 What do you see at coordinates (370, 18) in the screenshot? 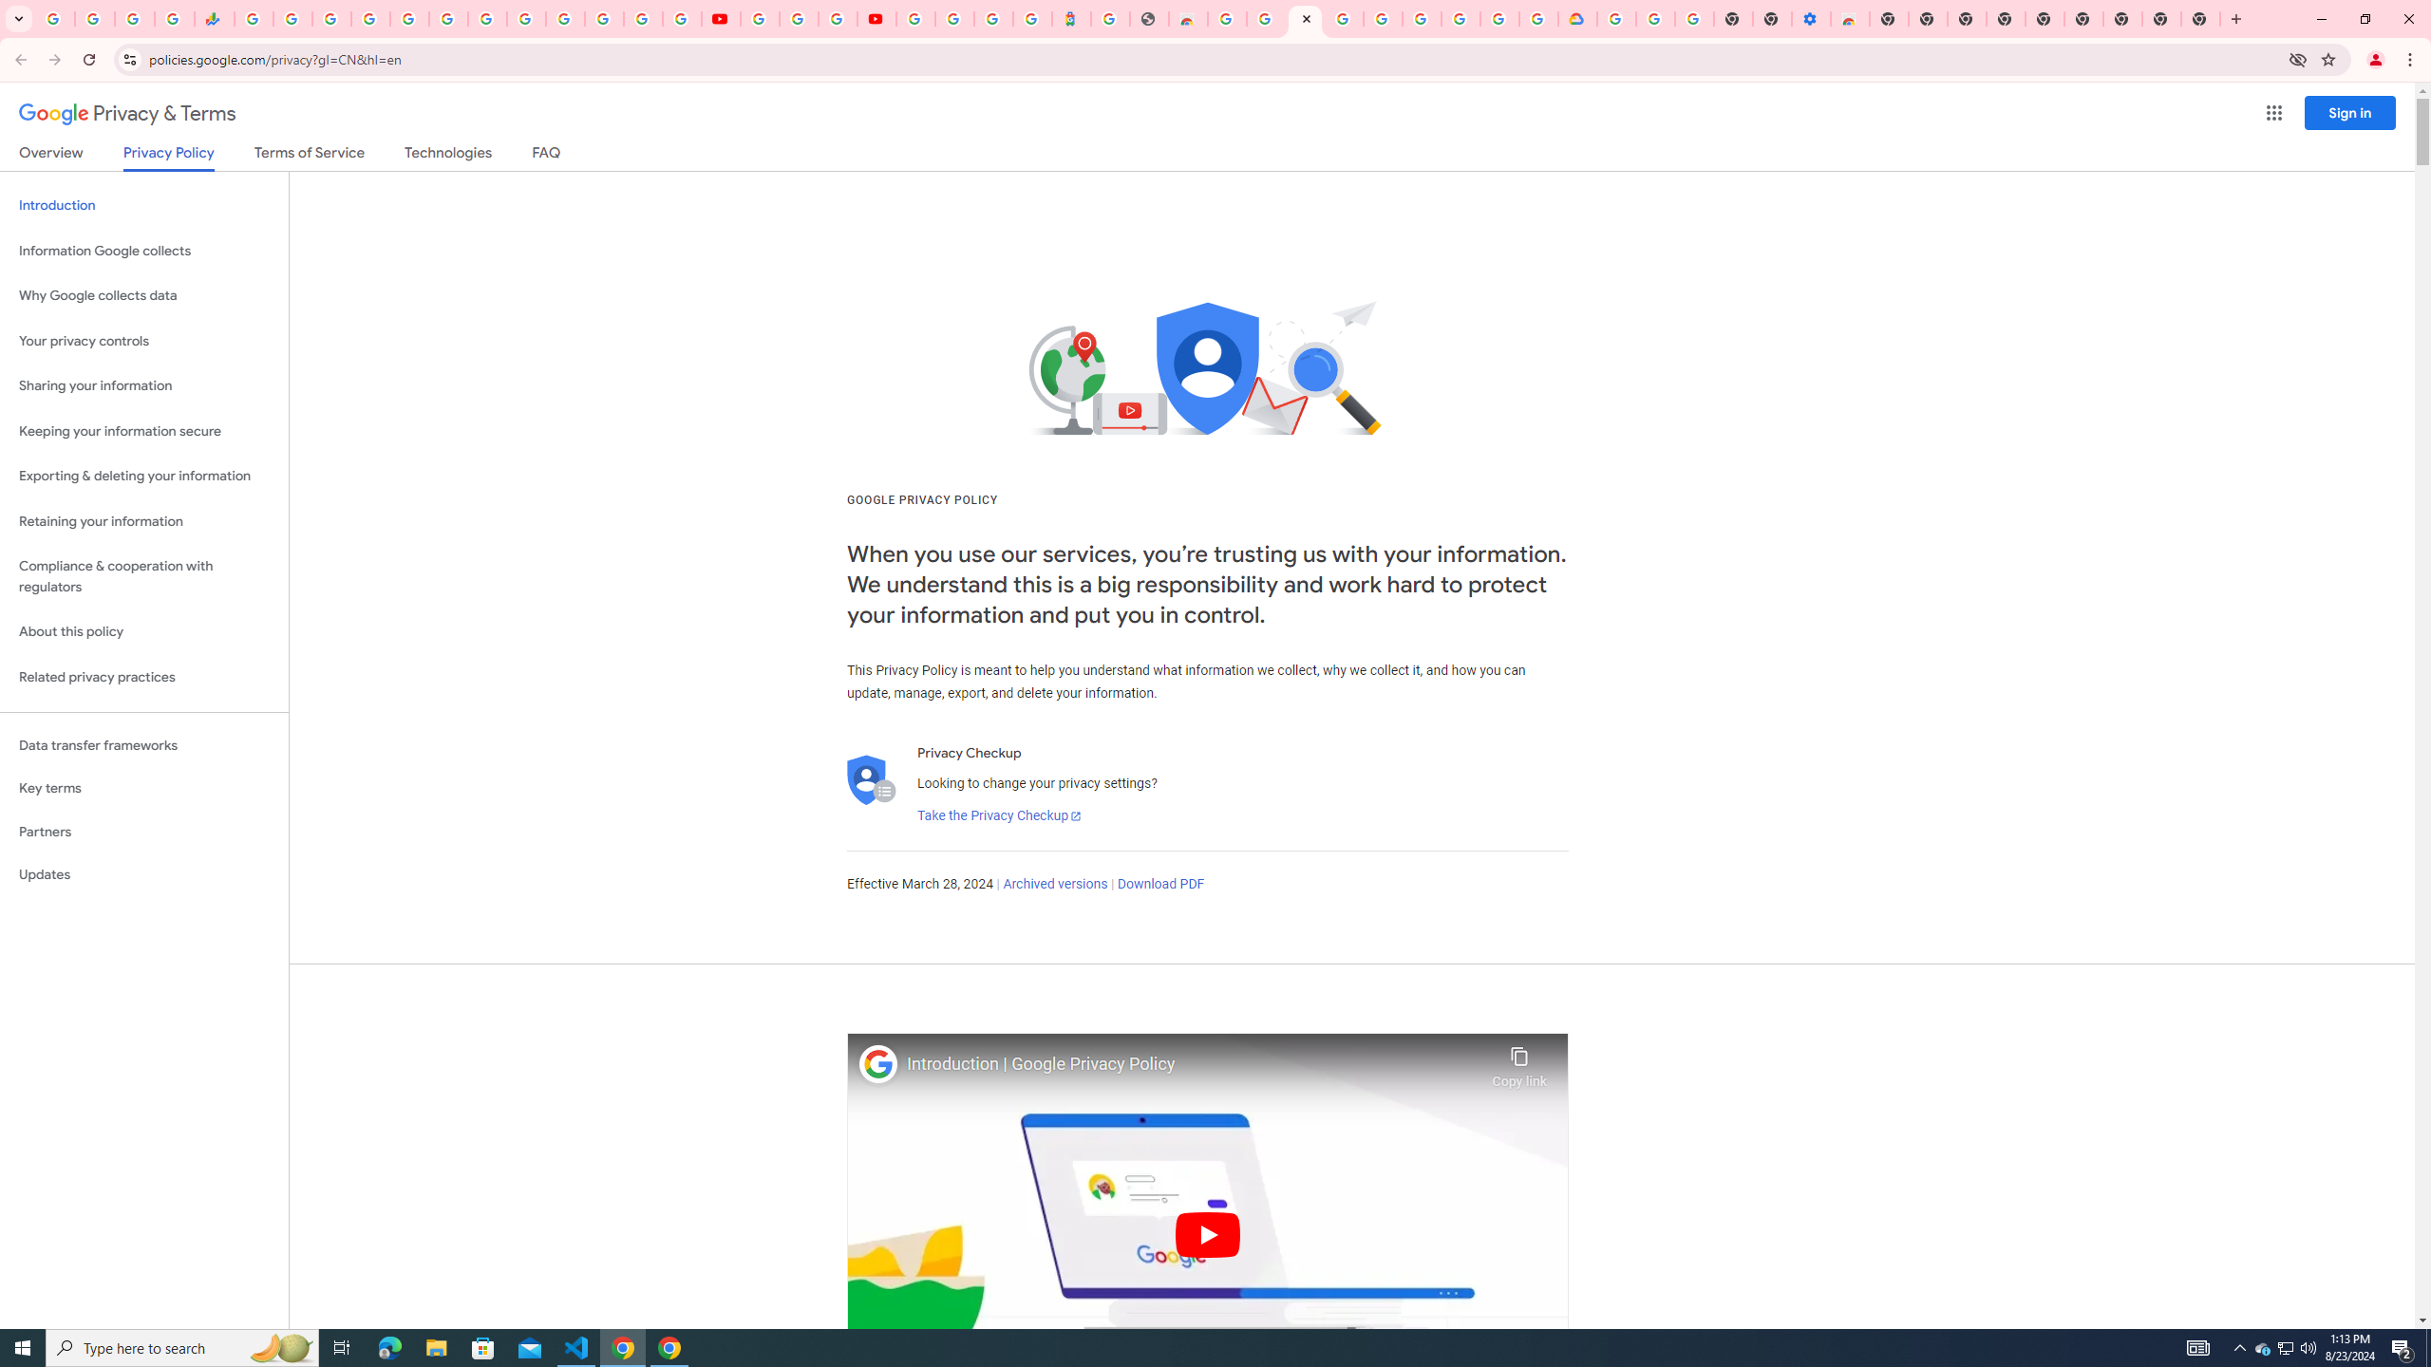
I see `'Sign in - Google Accounts'` at bounding box center [370, 18].